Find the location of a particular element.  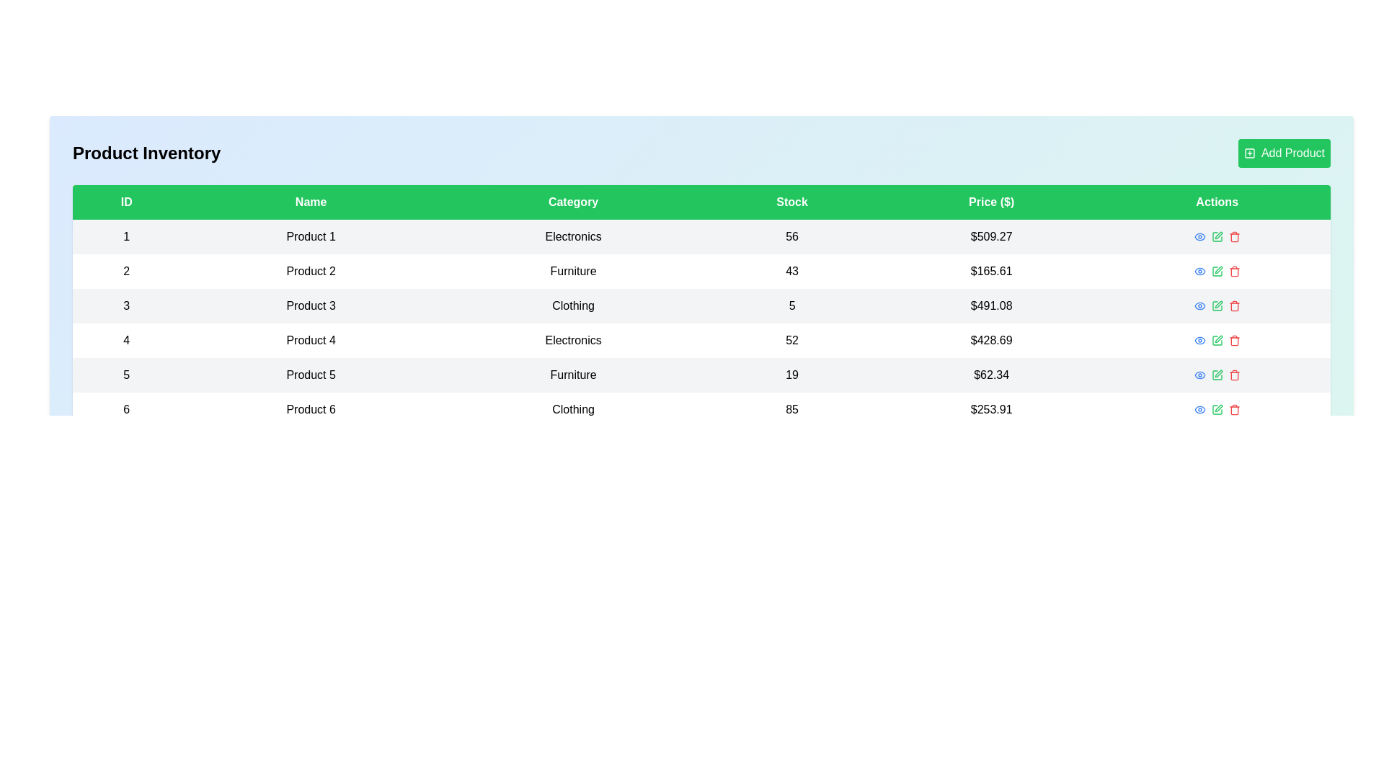

delete button for the product with ID 4 is located at coordinates (1233, 341).